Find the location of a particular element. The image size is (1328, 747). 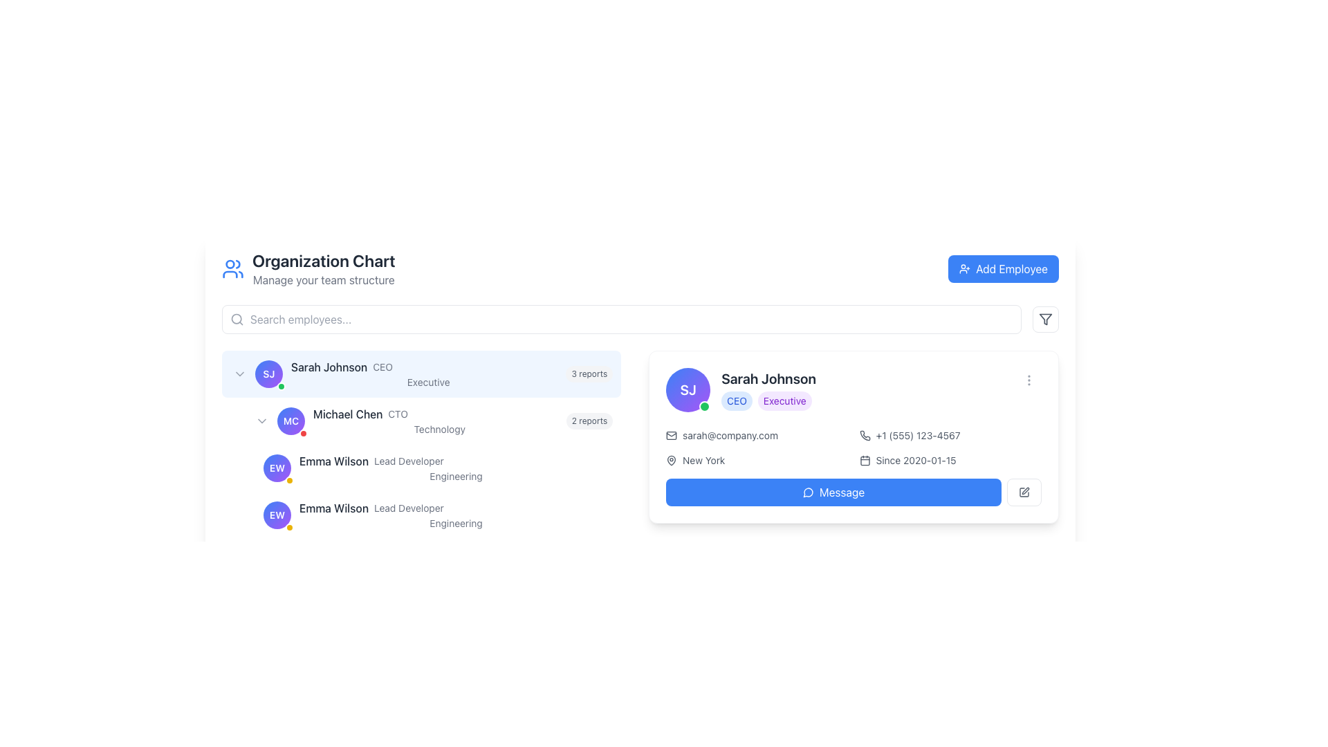

text from the Text and Icon Group that features a blue icon of stylized users and the bold text 'Organization Chart' with the subtitle 'Manage your team structure' is located at coordinates (308, 269).